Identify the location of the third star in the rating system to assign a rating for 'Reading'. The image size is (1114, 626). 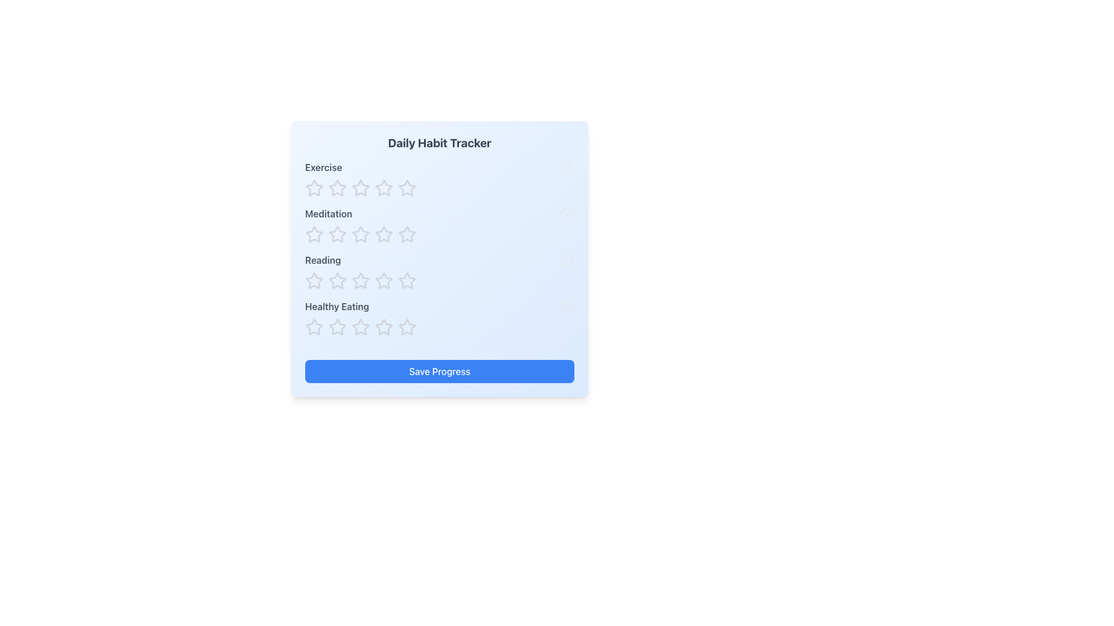
(337, 281).